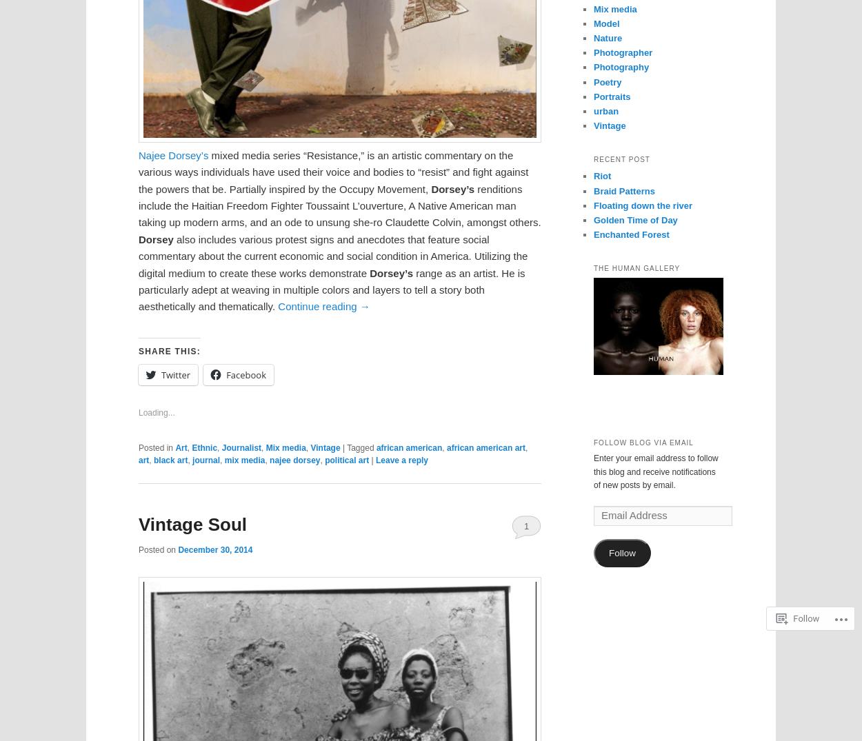 The width and height of the screenshot is (862, 741). Describe the element at coordinates (154, 238) in the screenshot. I see `'Dorsey'` at that location.